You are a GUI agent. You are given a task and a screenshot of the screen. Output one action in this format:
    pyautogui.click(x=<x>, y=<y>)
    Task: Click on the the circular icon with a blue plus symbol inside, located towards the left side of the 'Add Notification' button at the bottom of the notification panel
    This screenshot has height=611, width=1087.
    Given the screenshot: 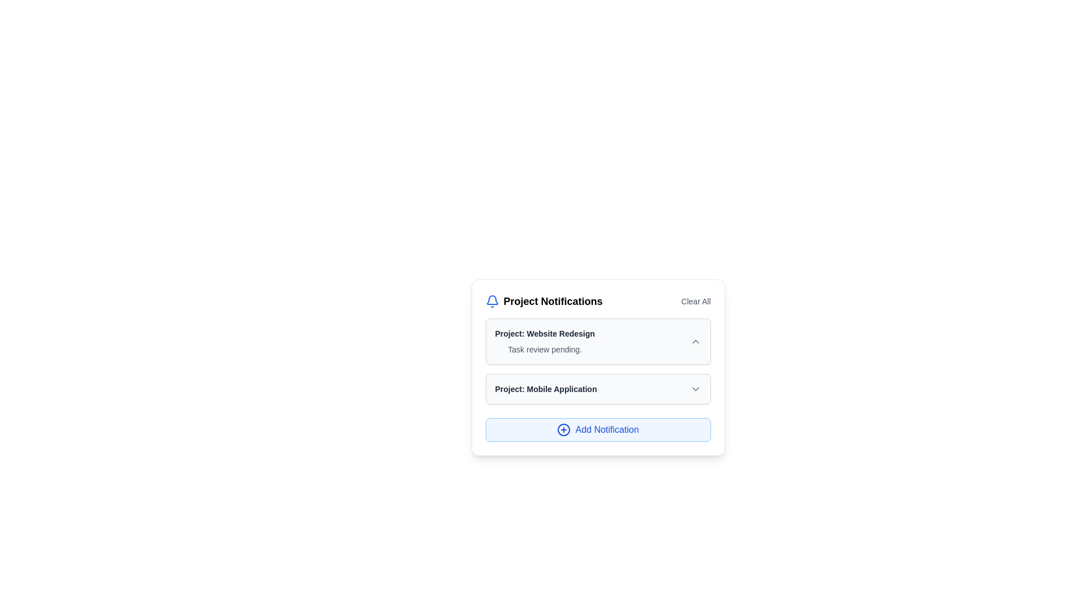 What is the action you would take?
    pyautogui.click(x=564, y=429)
    